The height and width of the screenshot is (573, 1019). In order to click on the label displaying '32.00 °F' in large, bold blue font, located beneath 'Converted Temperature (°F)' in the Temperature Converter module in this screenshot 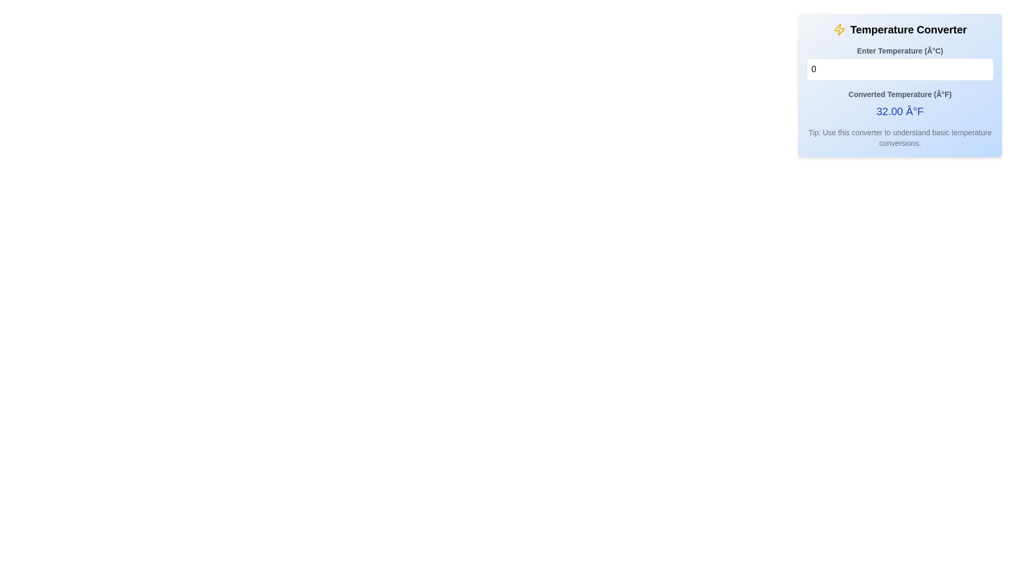, I will do `click(899, 111)`.